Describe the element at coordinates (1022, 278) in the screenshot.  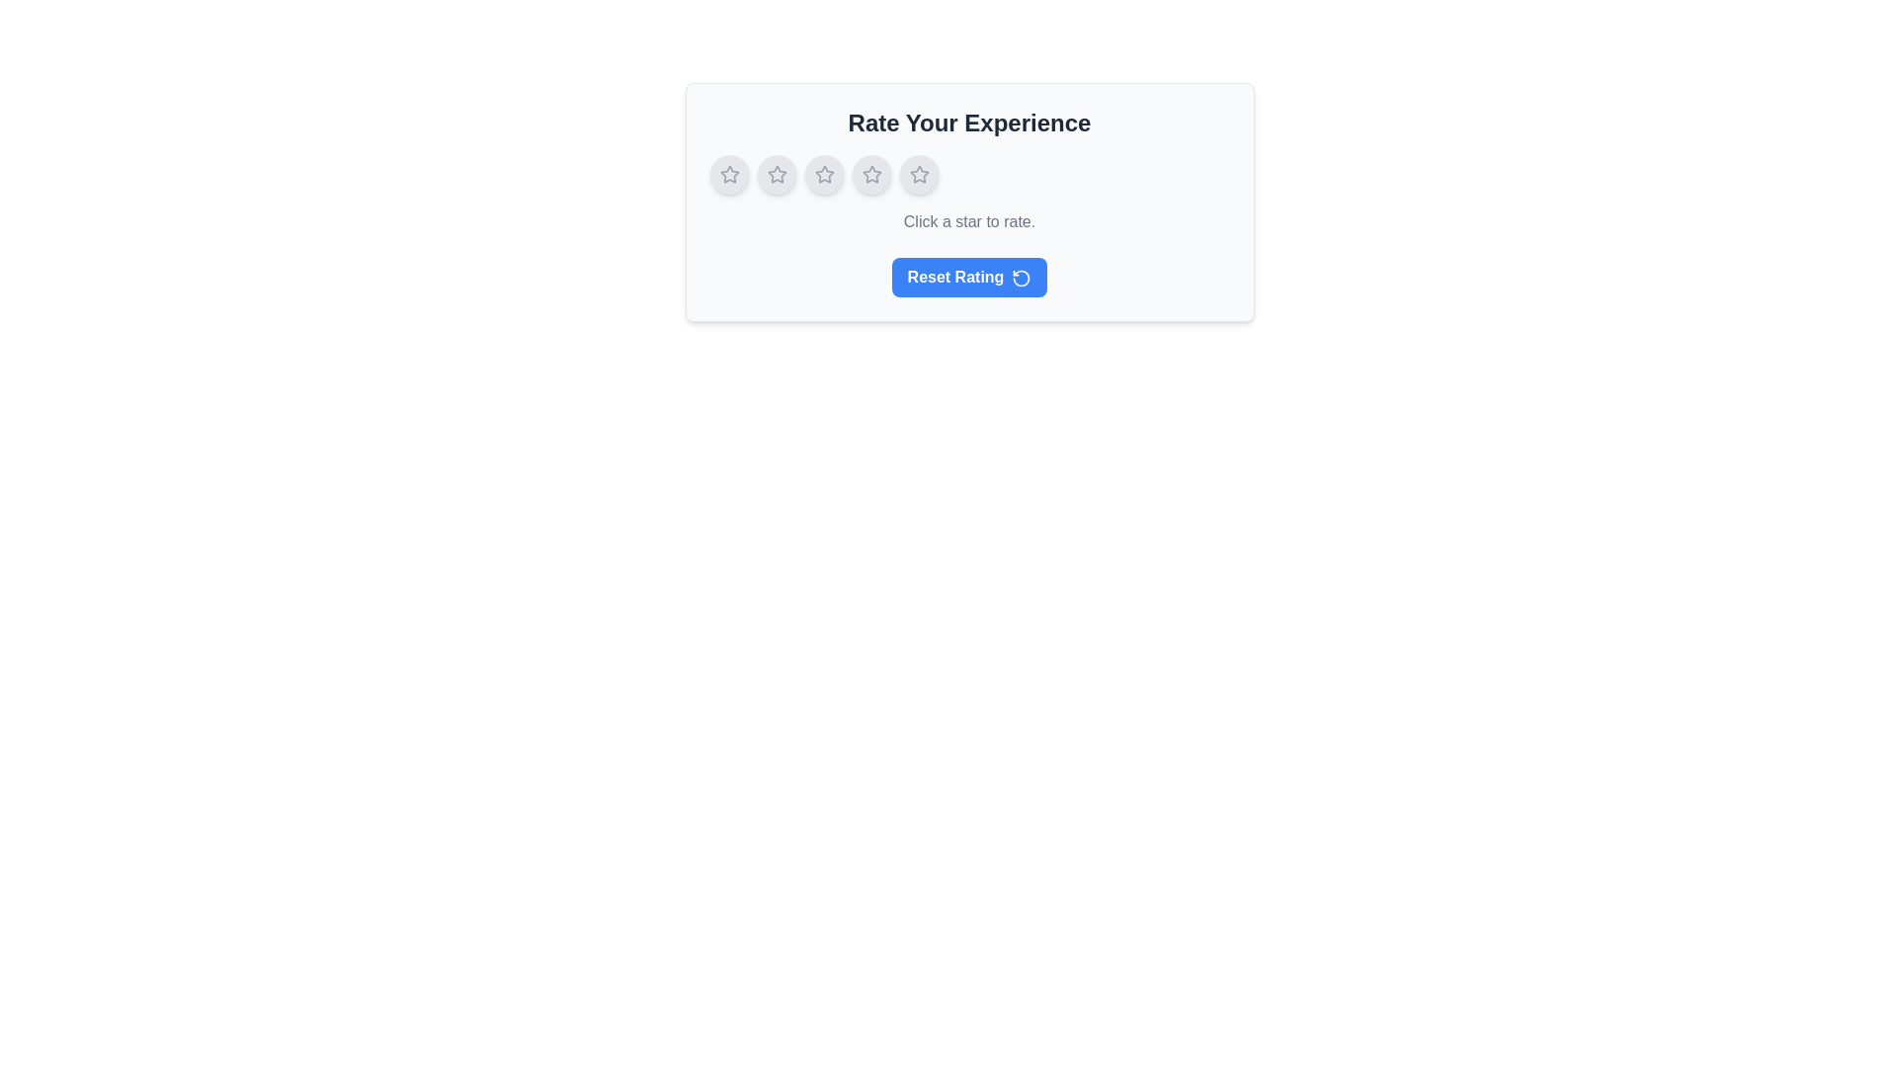
I see `the circular arc icon of the rotating arrow within the 'Reset Rating' button, which signifies a counter-clockwise rotation` at that location.